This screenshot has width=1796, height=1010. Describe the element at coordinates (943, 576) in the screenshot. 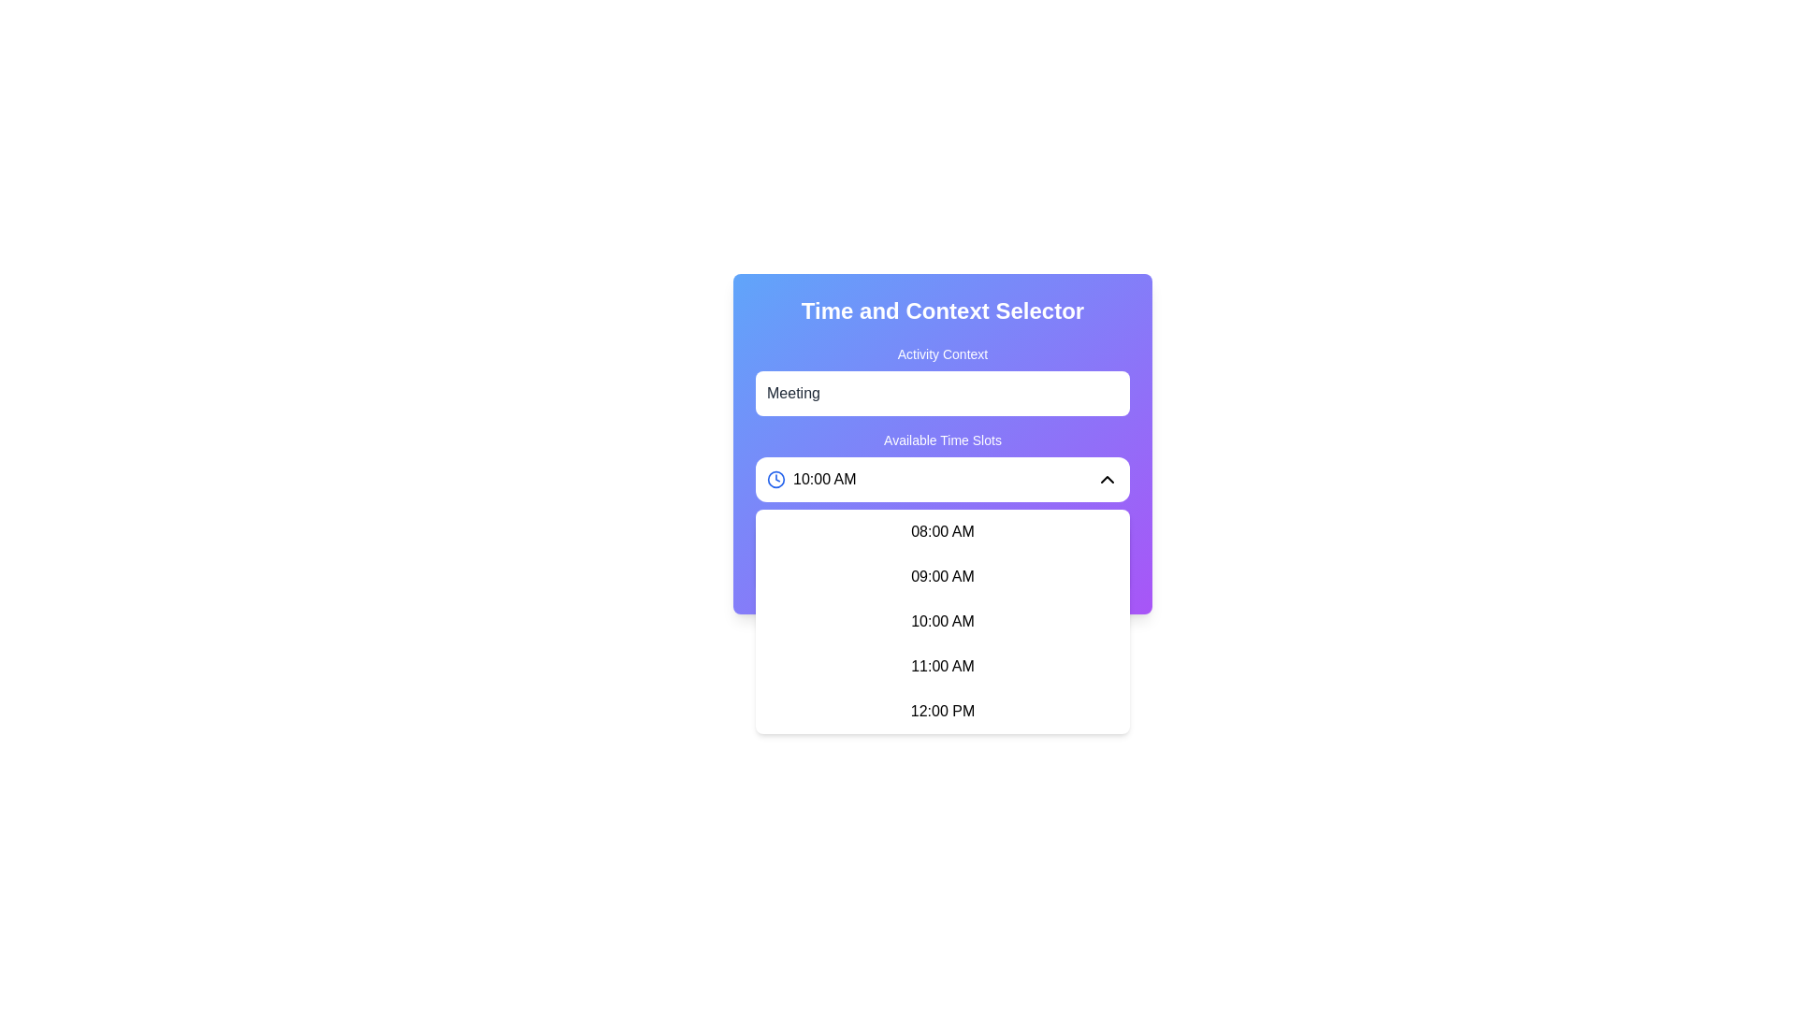

I see `the text label displaying '09:00 AM'` at that location.